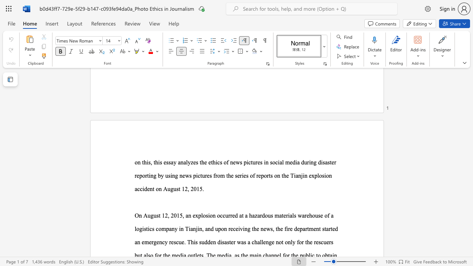  What do you see at coordinates (292, 162) in the screenshot?
I see `the subset text "dia during disaster reporting by using news pictures from the series of reports on the Tianjin explosion acciden" within the text "analyzes the ethics of news pictures in social media during disaster reporting by using news pictures from the series of reports on the Tianjin explosion accident on August 12, 2015."` at bounding box center [292, 162].